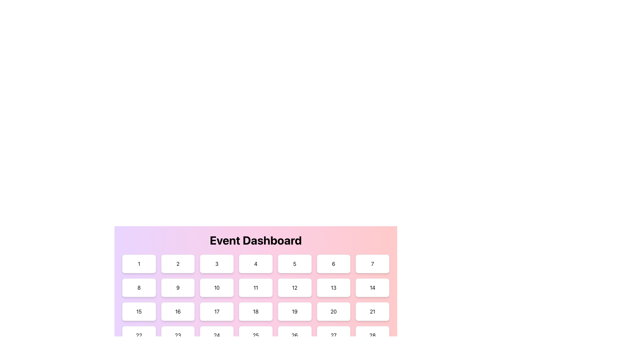 The width and height of the screenshot is (619, 348). What do you see at coordinates (178, 287) in the screenshot?
I see `the button labeled '9', which is a white rounded rectangle with a black number '9' centered inside it` at bounding box center [178, 287].